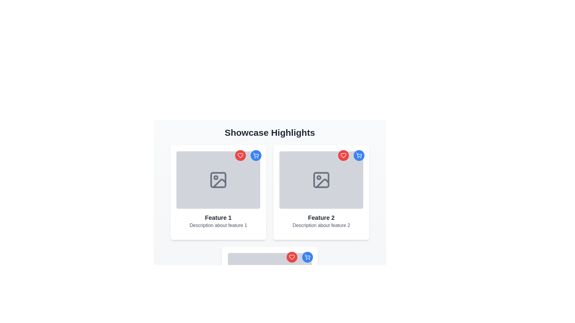  Describe the element at coordinates (351, 155) in the screenshot. I see `the right circular button with a blue background and a white shopping cart icon, positioned at the top-right corner of the 'Feature 2' card` at that location.